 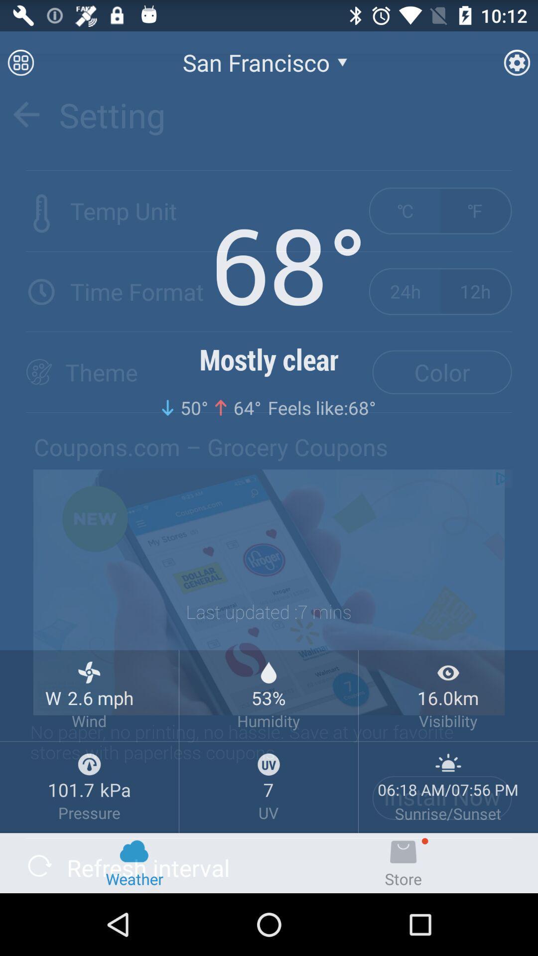 I want to click on the dialpad icon, so click(x=21, y=66).